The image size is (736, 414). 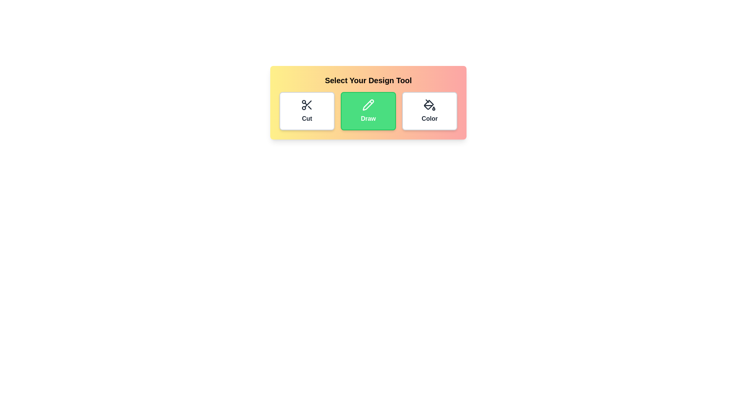 I want to click on the icon of the tool labeled Cut to toggle its selection state, so click(x=307, y=111).